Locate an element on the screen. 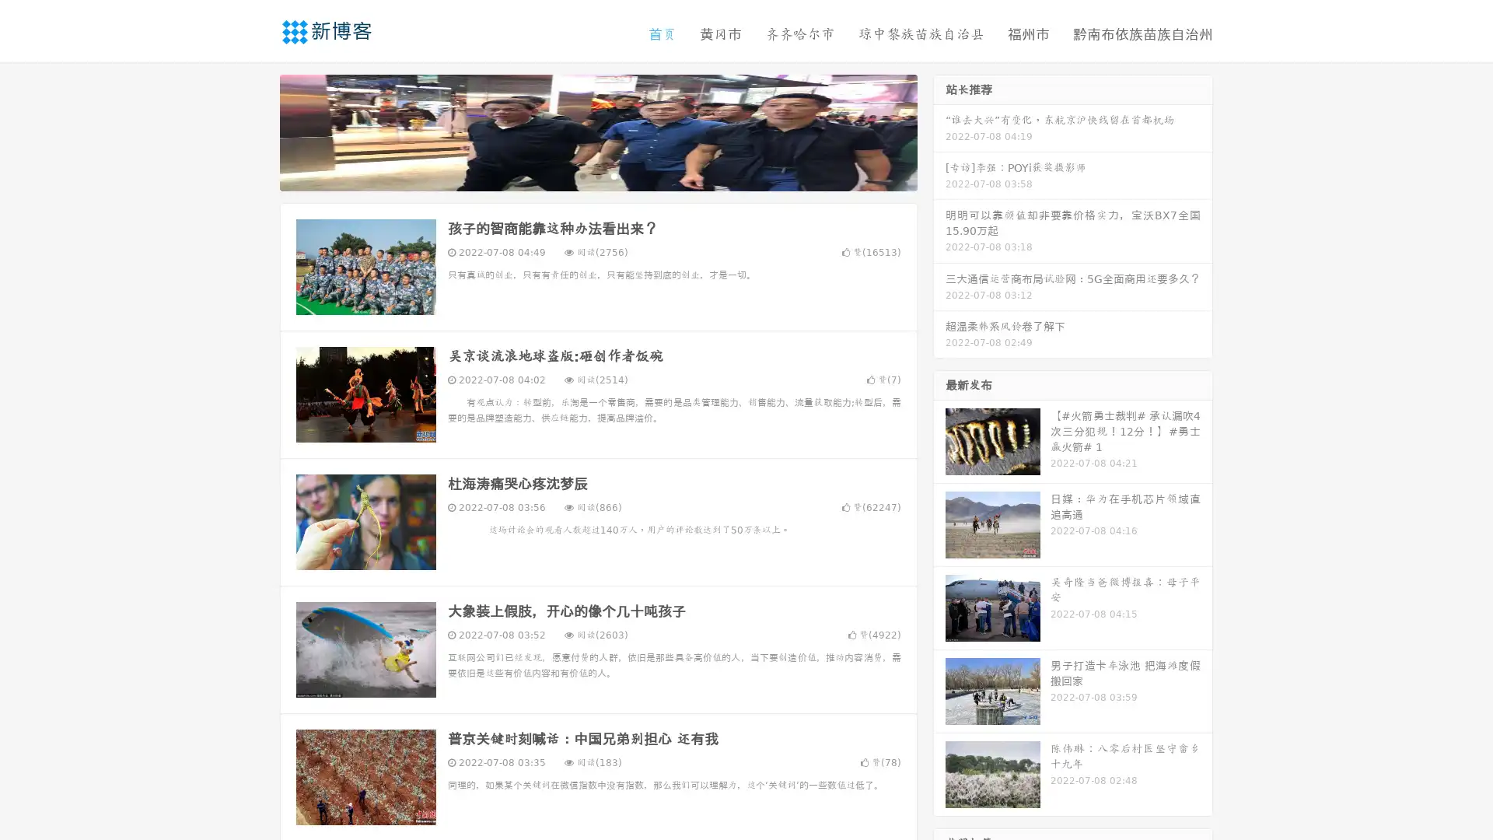 This screenshot has width=1493, height=840. Previous slide is located at coordinates (257, 131).